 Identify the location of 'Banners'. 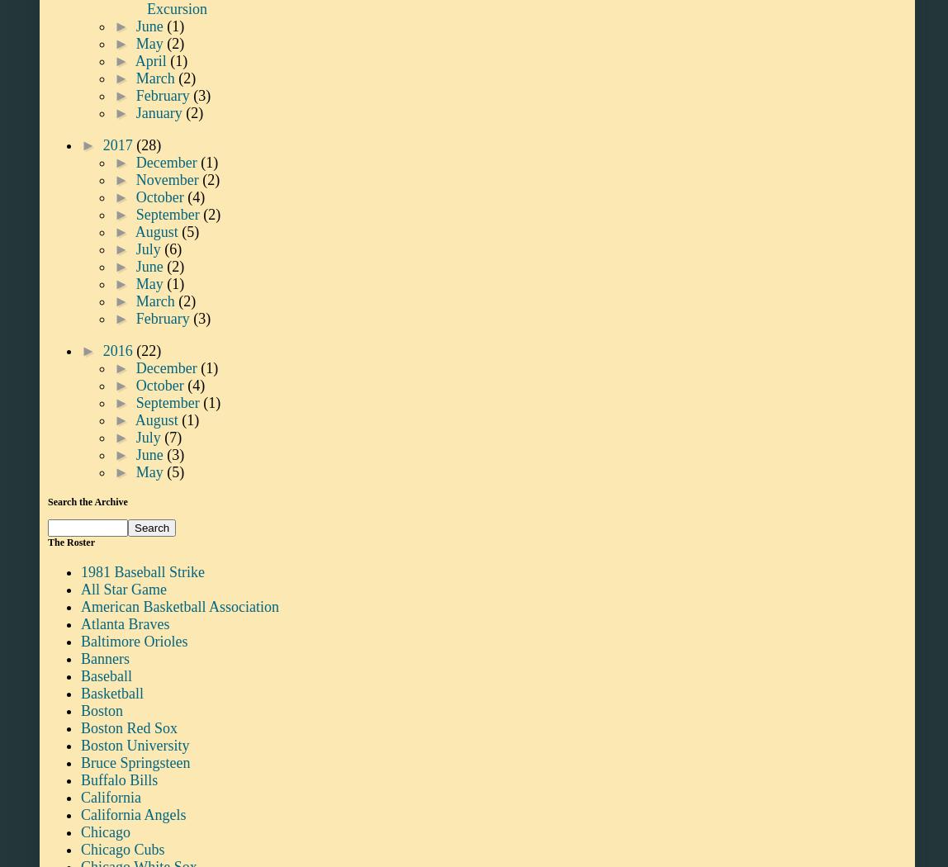
(104, 656).